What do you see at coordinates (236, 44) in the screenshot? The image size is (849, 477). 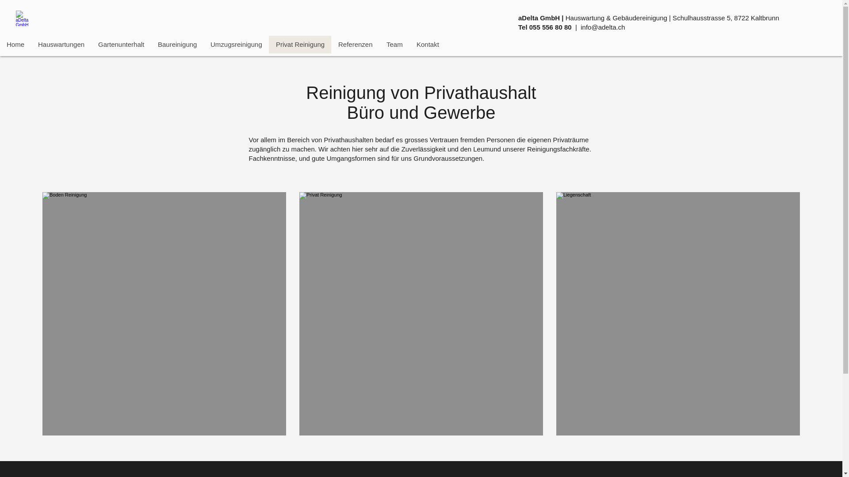 I see `'Umzugsreinigung'` at bounding box center [236, 44].